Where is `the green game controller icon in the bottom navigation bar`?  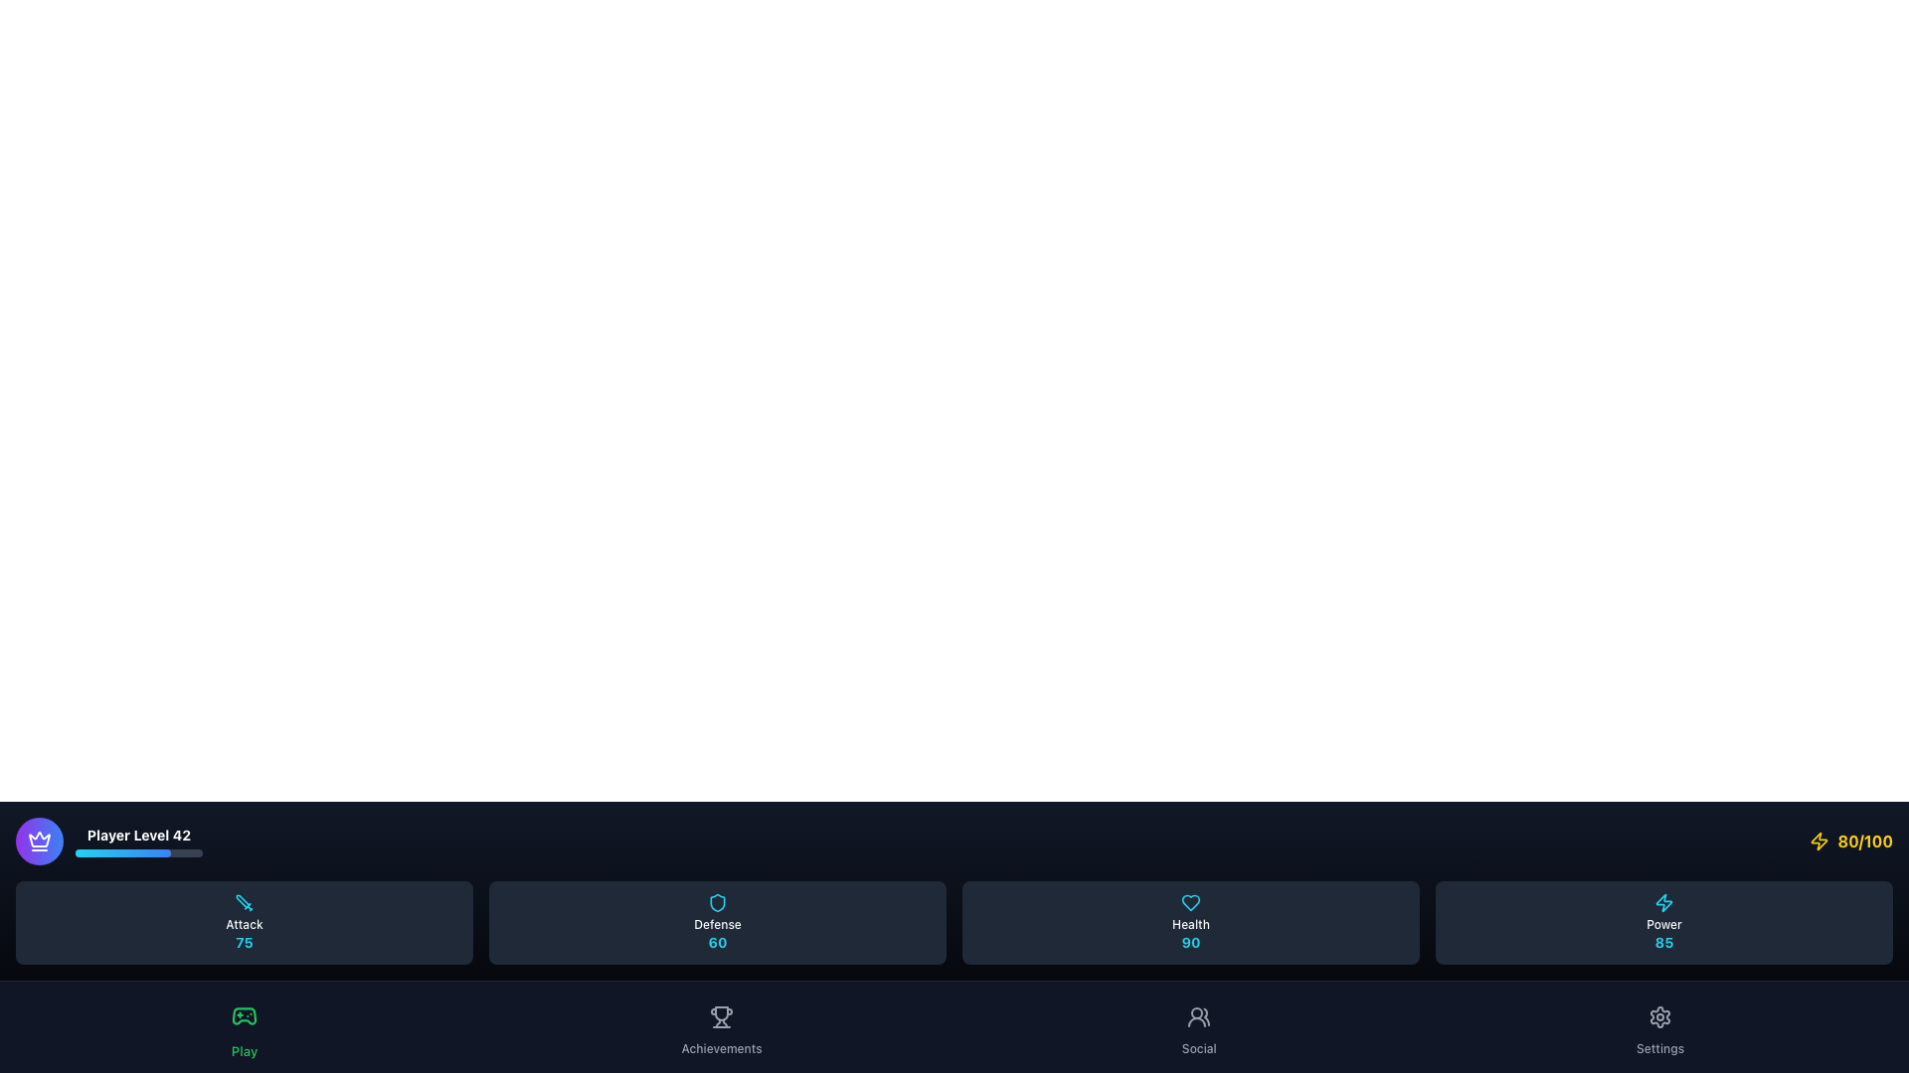
the green game controller icon in the bottom navigation bar is located at coordinates (243, 1015).